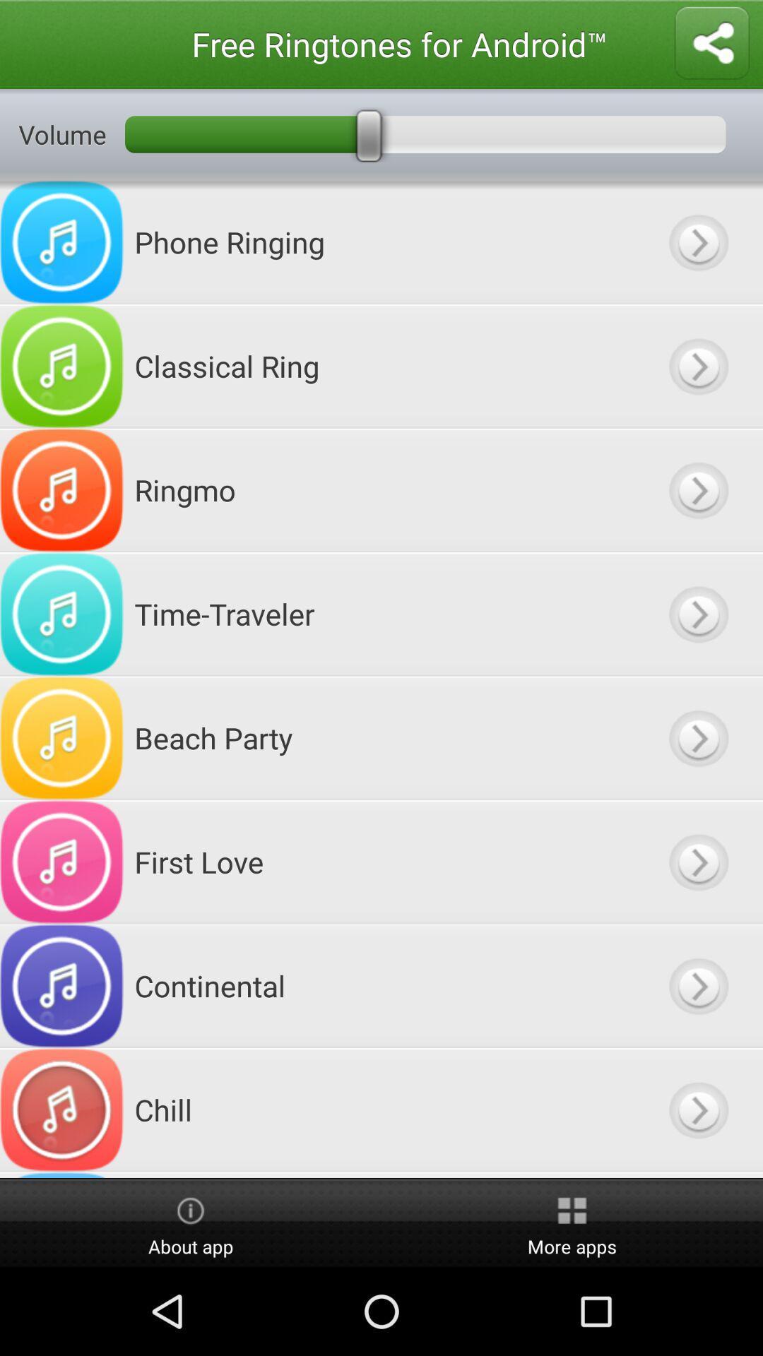  I want to click on next, so click(697, 1174).